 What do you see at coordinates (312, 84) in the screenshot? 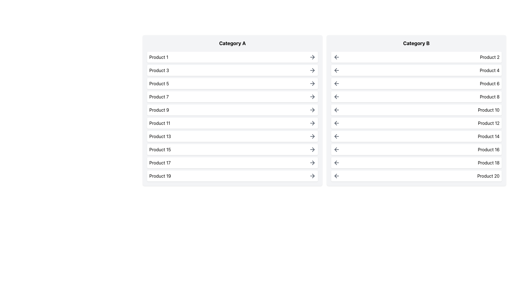
I see `the rightward-pointing arrow icon next to 'Product 5' in the list under 'Category A' to trigger the tooltip or highlight effect` at bounding box center [312, 84].